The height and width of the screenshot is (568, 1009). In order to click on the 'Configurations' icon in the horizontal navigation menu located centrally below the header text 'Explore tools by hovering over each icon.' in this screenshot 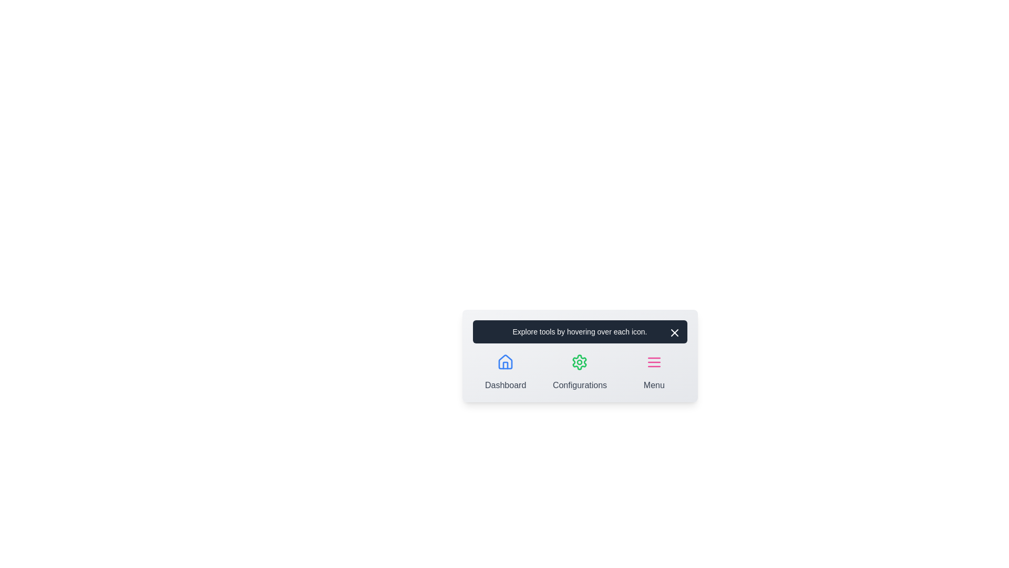, I will do `click(579, 370)`.